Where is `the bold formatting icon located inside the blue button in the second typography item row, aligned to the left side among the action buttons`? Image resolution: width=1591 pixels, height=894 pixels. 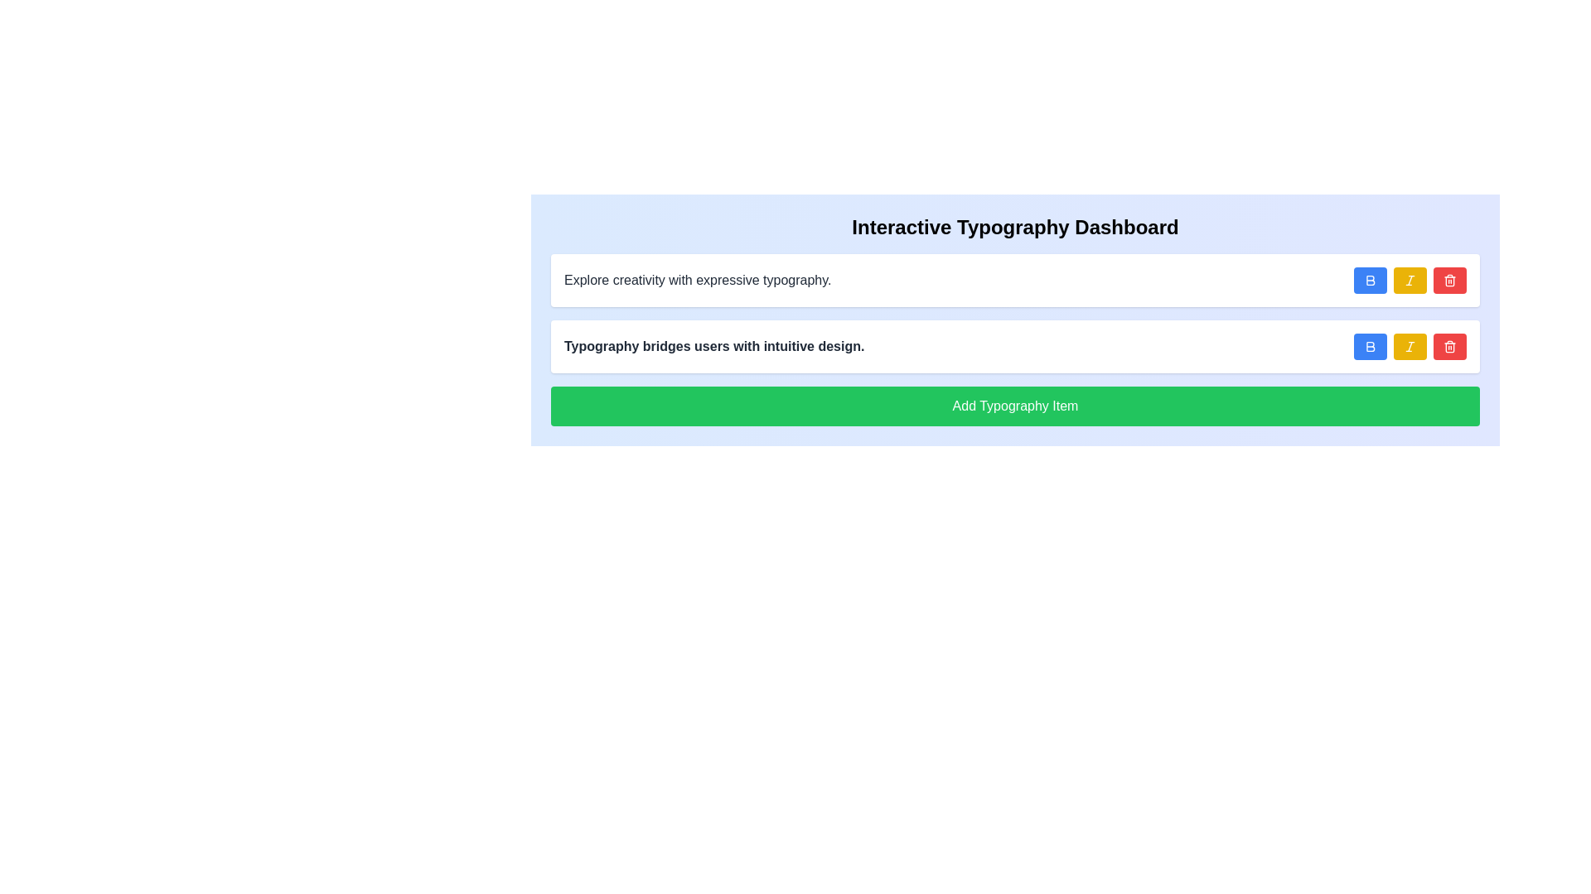
the bold formatting icon located inside the blue button in the second typography item row, aligned to the left side among the action buttons is located at coordinates (1371, 346).